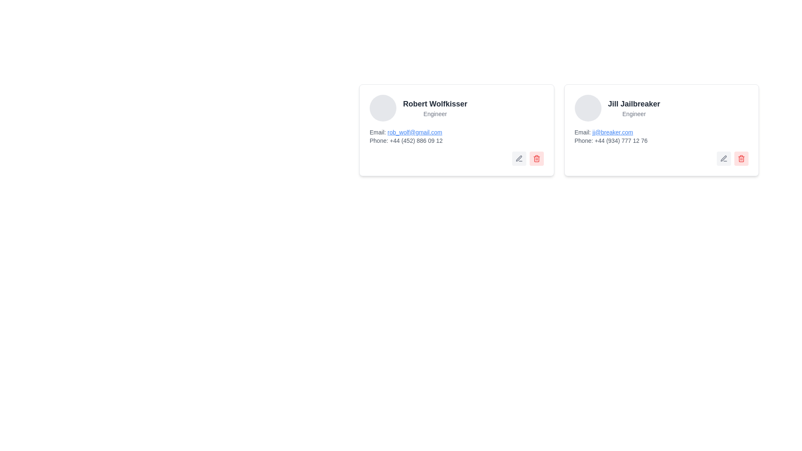 The width and height of the screenshot is (802, 451). I want to click on the delete button located in the bottom-right corner of the card labeled 'Jill Jailbreaker' to change its background color, so click(741, 159).